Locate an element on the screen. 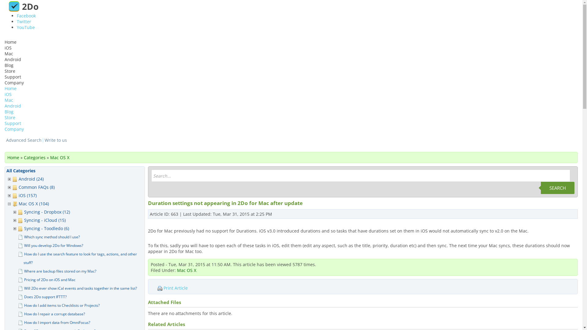 This screenshot has width=587, height=330. 'Store' is located at coordinates (10, 71).